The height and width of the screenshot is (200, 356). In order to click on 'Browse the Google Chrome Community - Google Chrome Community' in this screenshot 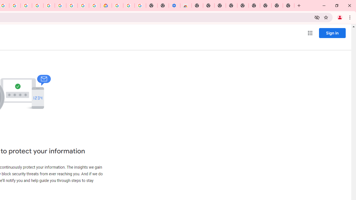, I will do `click(95, 6)`.